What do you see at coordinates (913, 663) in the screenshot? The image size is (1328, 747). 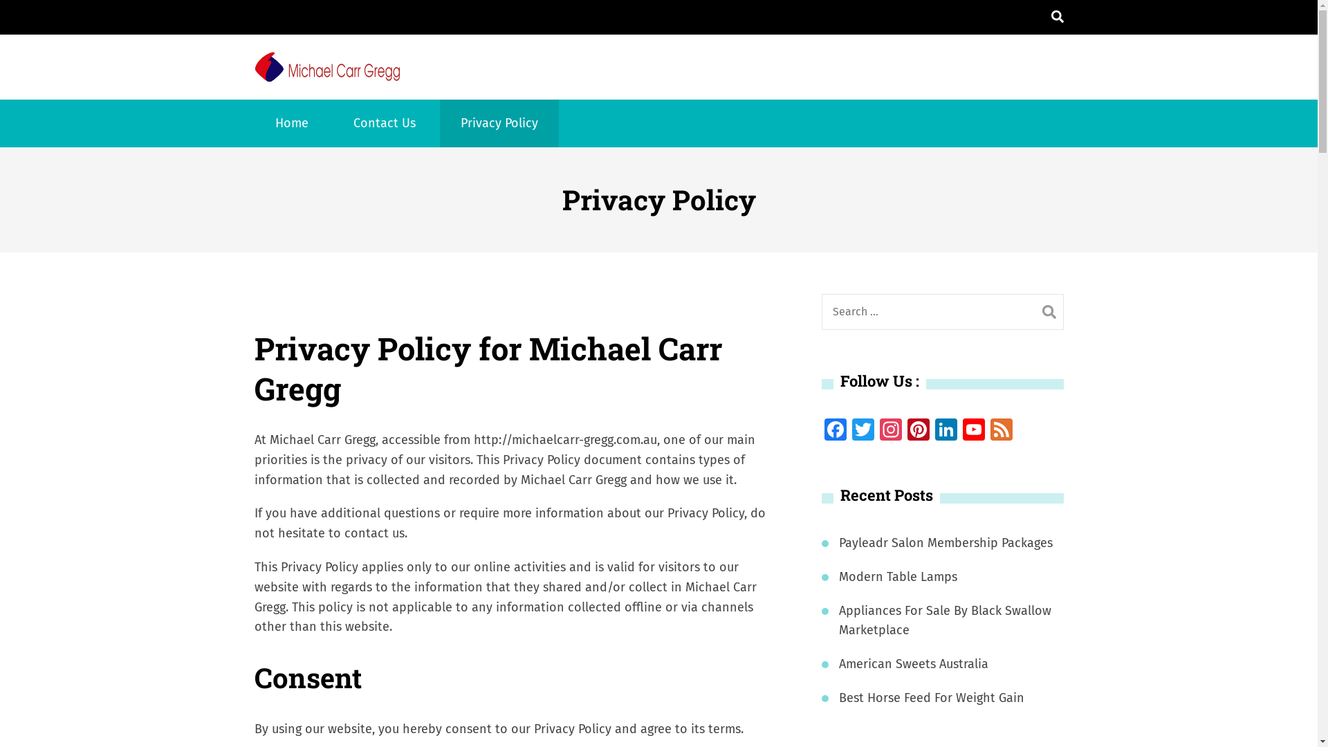 I see `'American Sweets Australia'` at bounding box center [913, 663].